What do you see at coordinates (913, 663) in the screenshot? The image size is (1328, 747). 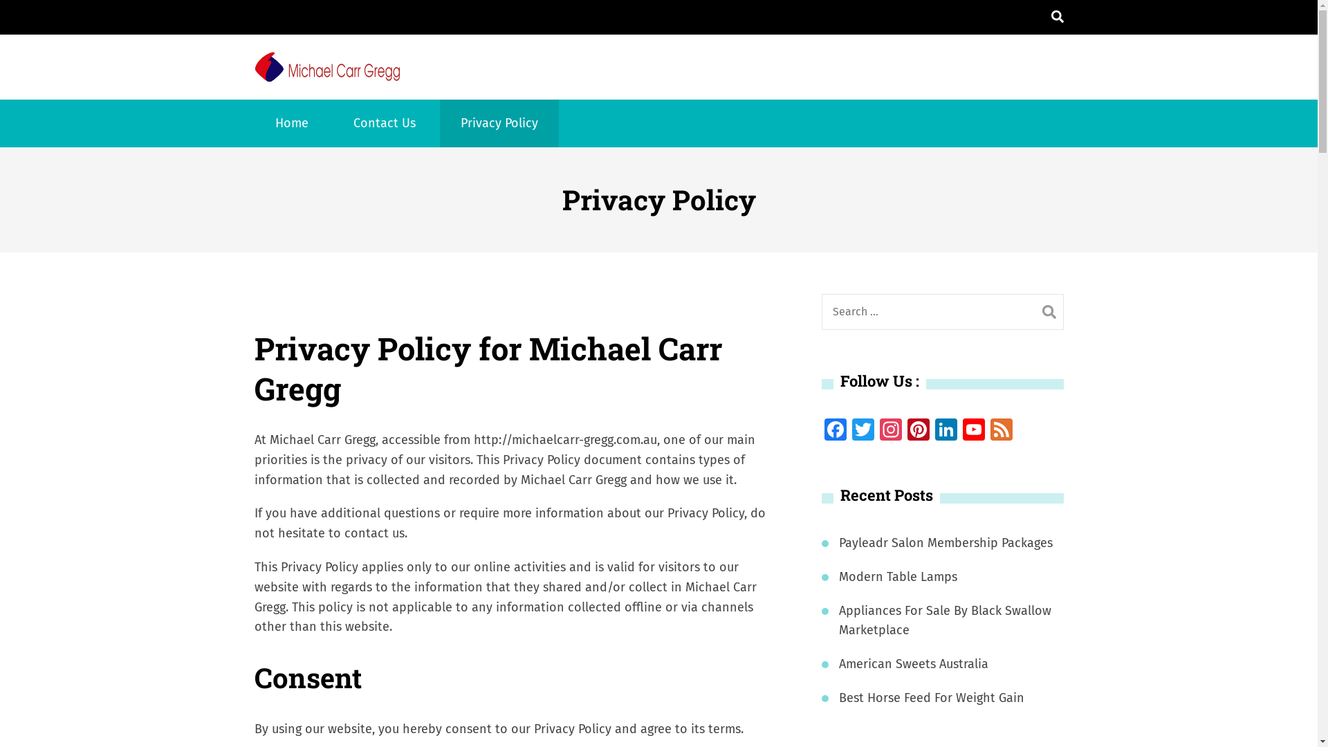 I see `'American Sweets Australia'` at bounding box center [913, 663].